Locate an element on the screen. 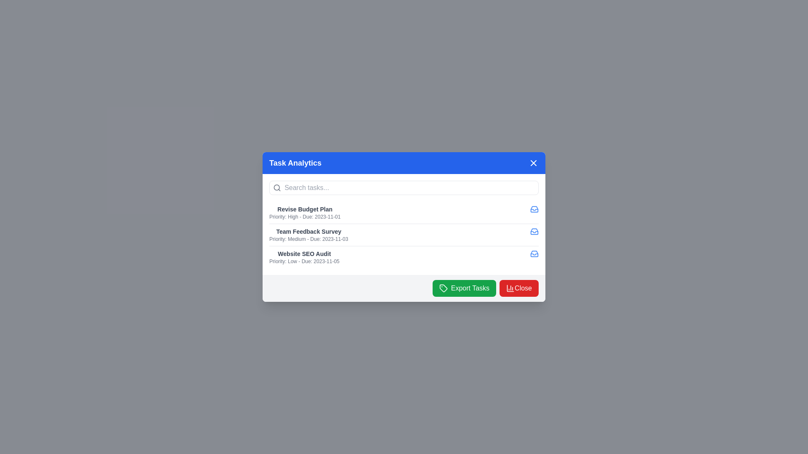  the green tag icon located to the left of the 'Export Tasks' text within the green button is located at coordinates (443, 288).